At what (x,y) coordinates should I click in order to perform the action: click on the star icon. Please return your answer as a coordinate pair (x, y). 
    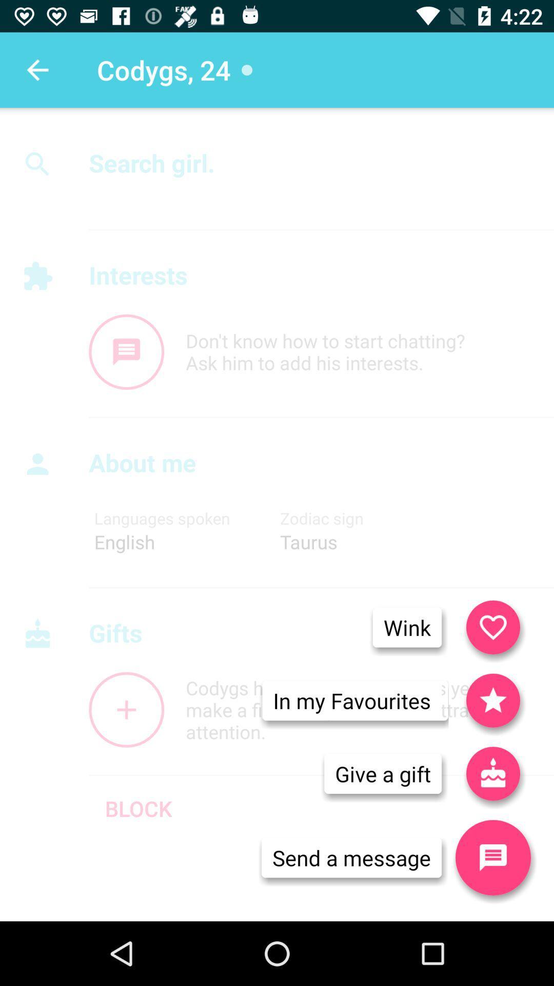
    Looking at the image, I should click on (492, 700).